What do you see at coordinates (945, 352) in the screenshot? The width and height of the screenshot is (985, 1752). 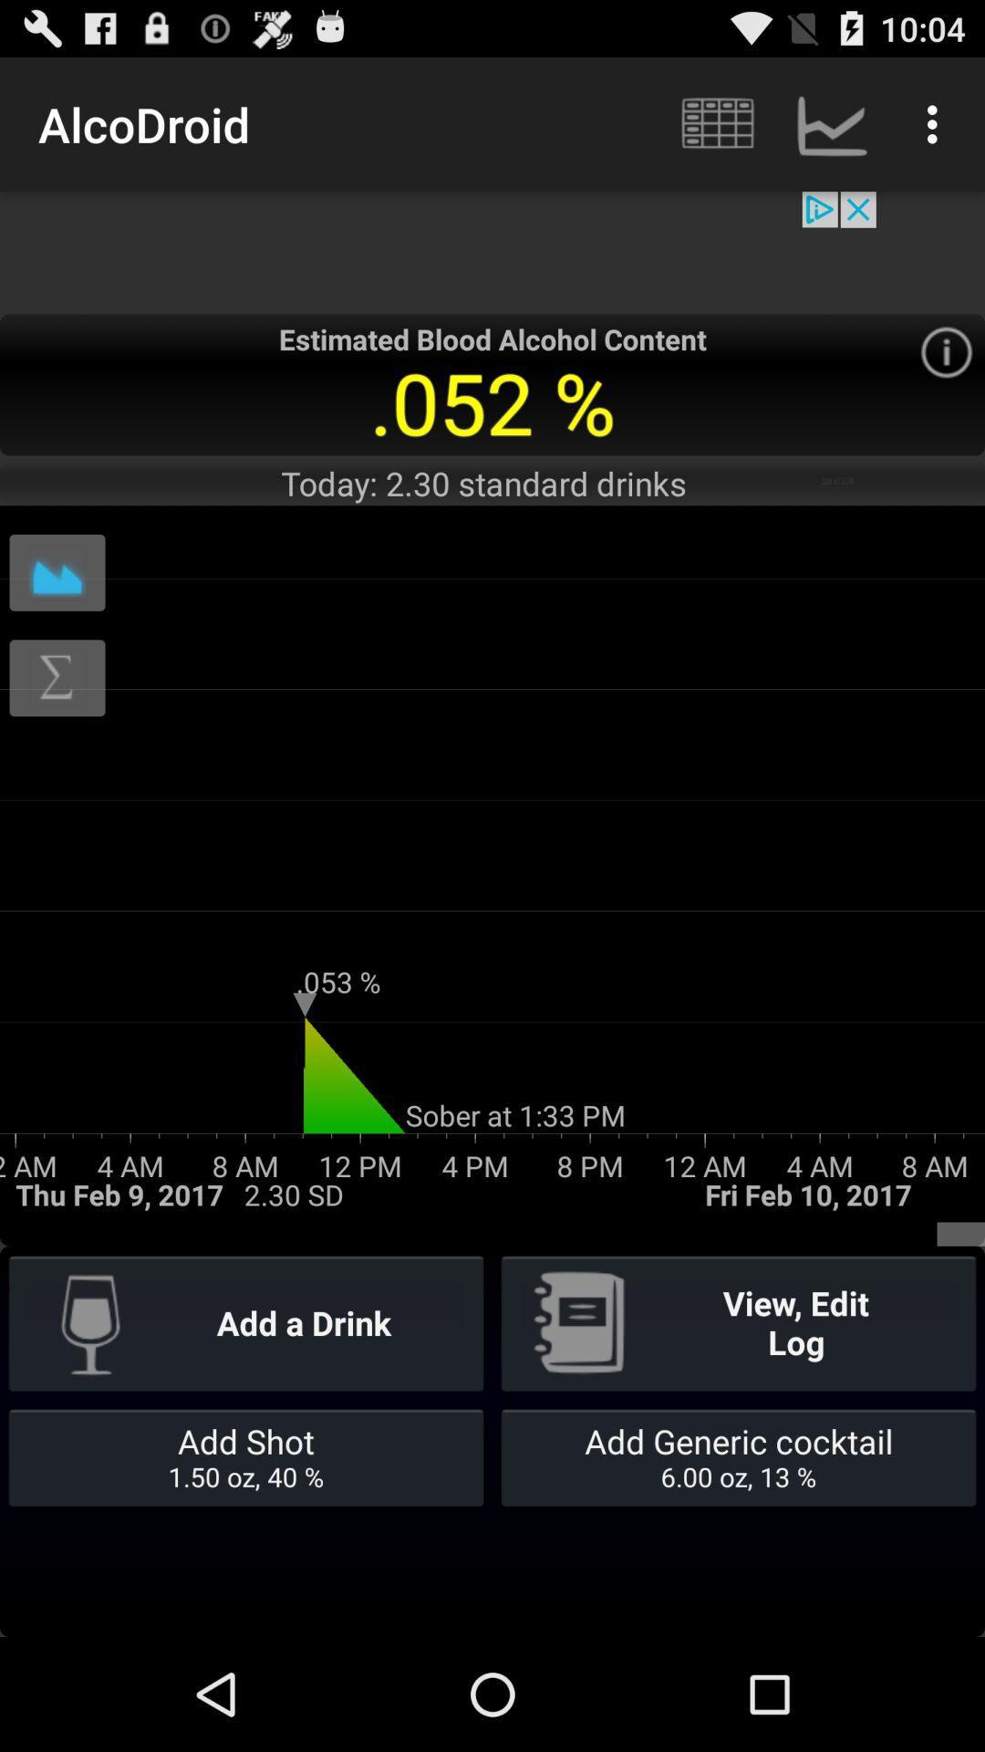 I see `a select option` at bounding box center [945, 352].